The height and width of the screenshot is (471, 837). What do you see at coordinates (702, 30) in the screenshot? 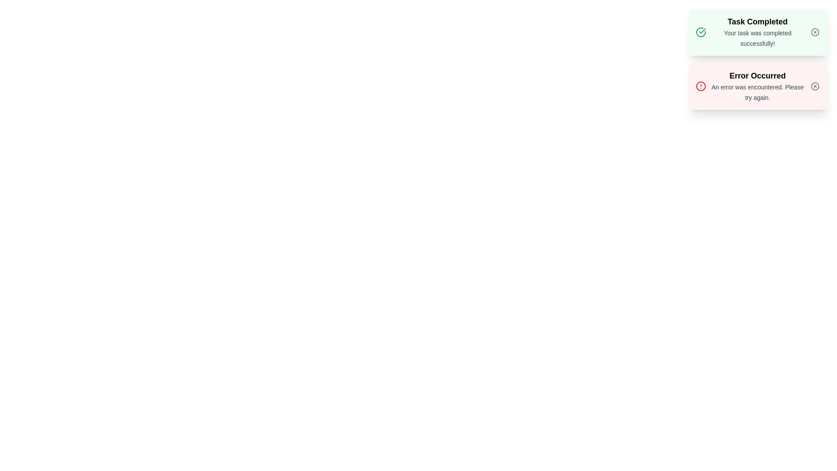
I see `the visual feedback of the green checkmark icon located in the top-right of the 'Task Completed' notification card` at bounding box center [702, 30].